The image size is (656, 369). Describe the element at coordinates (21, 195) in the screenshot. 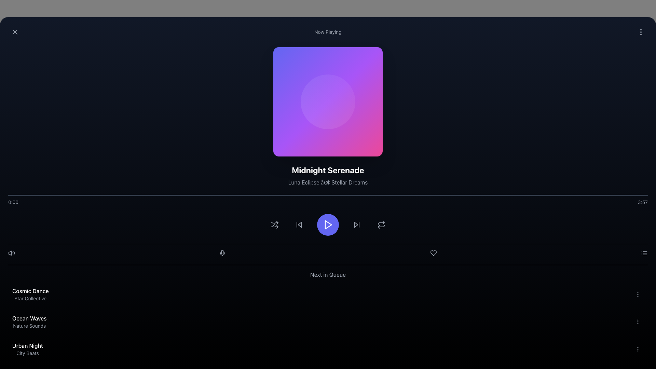

I see `the playback progress` at that location.